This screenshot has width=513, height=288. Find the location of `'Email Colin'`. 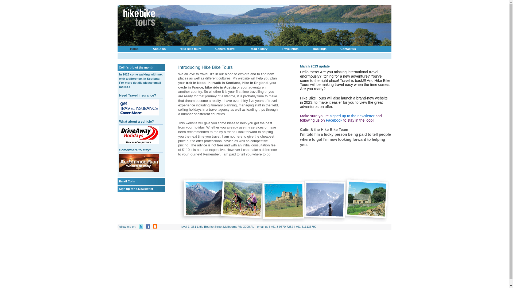

'Email Colin' is located at coordinates (119, 181).